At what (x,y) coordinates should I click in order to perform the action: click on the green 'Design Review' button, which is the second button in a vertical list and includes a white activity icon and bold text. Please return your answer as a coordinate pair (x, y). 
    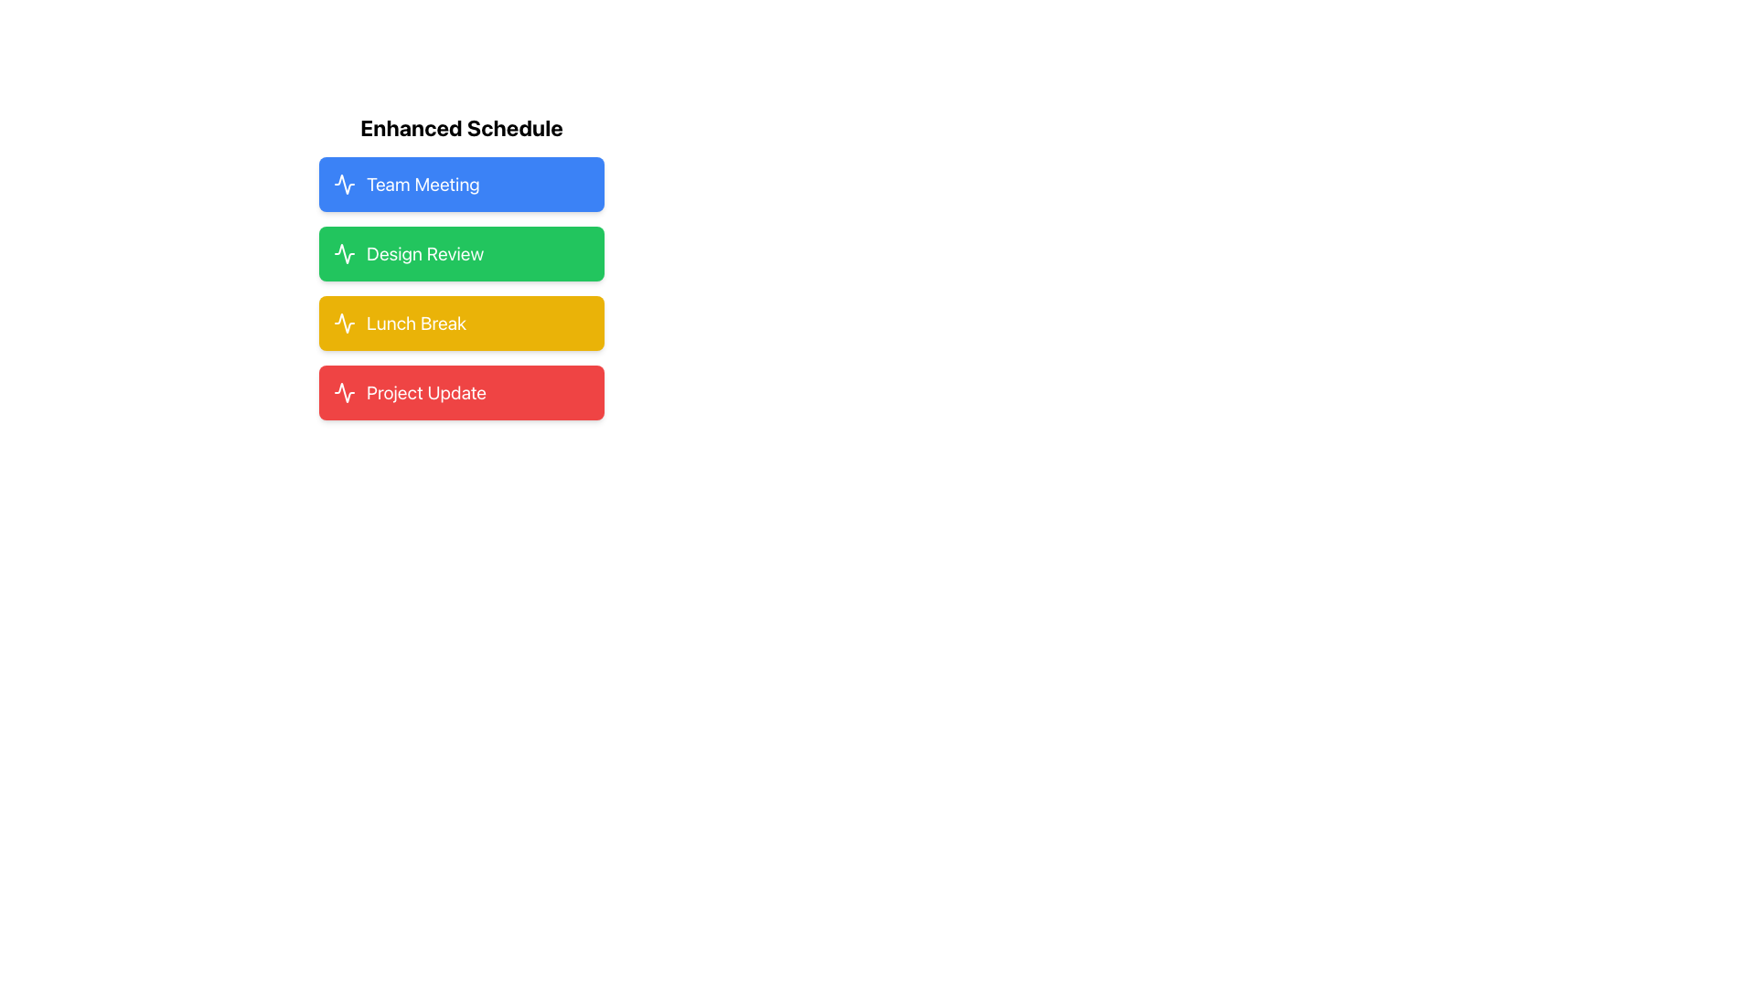
    Looking at the image, I should click on (461, 253).